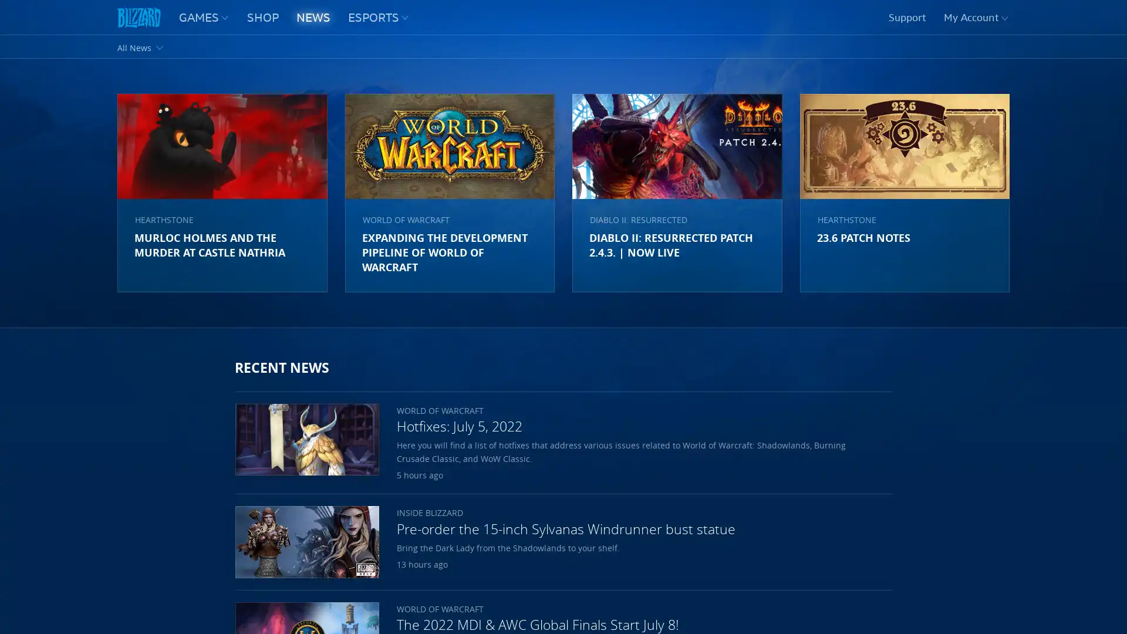 Image resolution: width=1127 pixels, height=634 pixels. What do you see at coordinates (141, 46) in the screenshot?
I see `All News` at bounding box center [141, 46].